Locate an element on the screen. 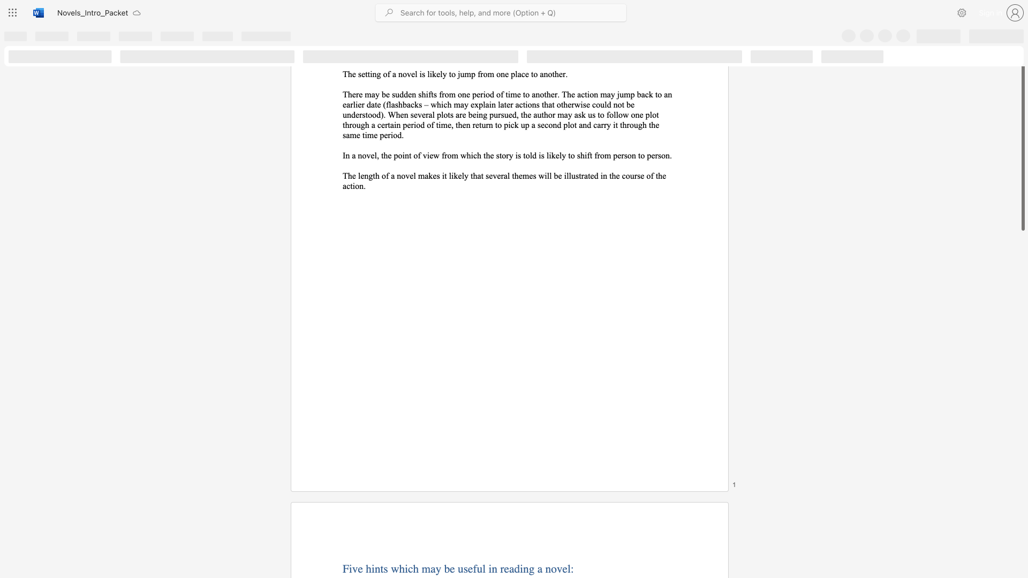 Image resolution: width=1028 pixels, height=578 pixels. the scrollbar and move down 870 pixels is located at coordinates (1022, 147).